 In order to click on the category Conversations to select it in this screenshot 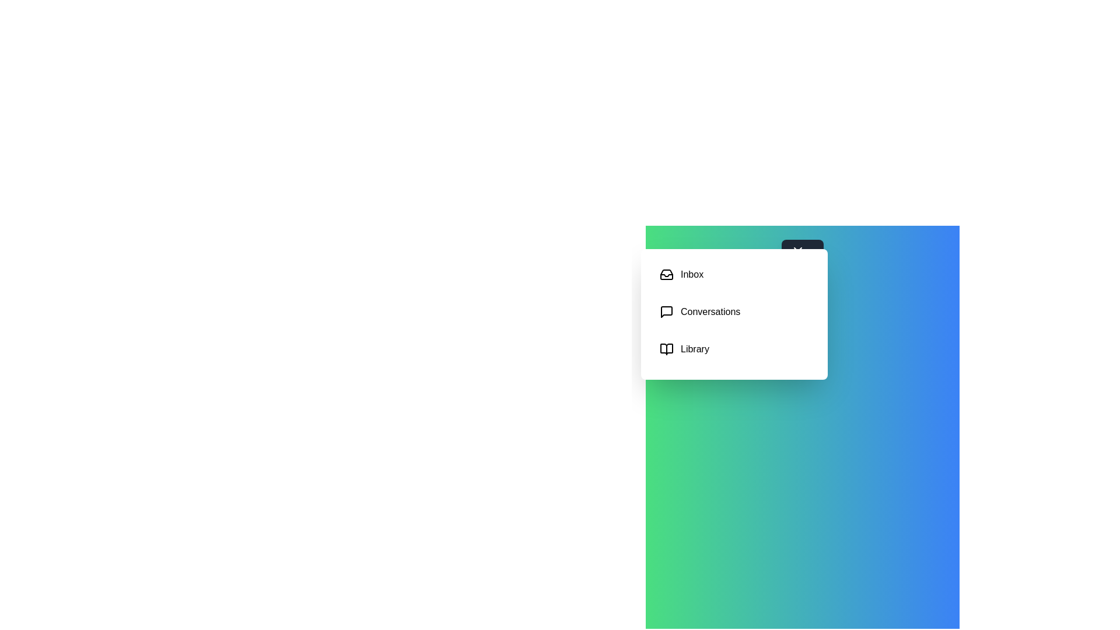, I will do `click(733, 311)`.